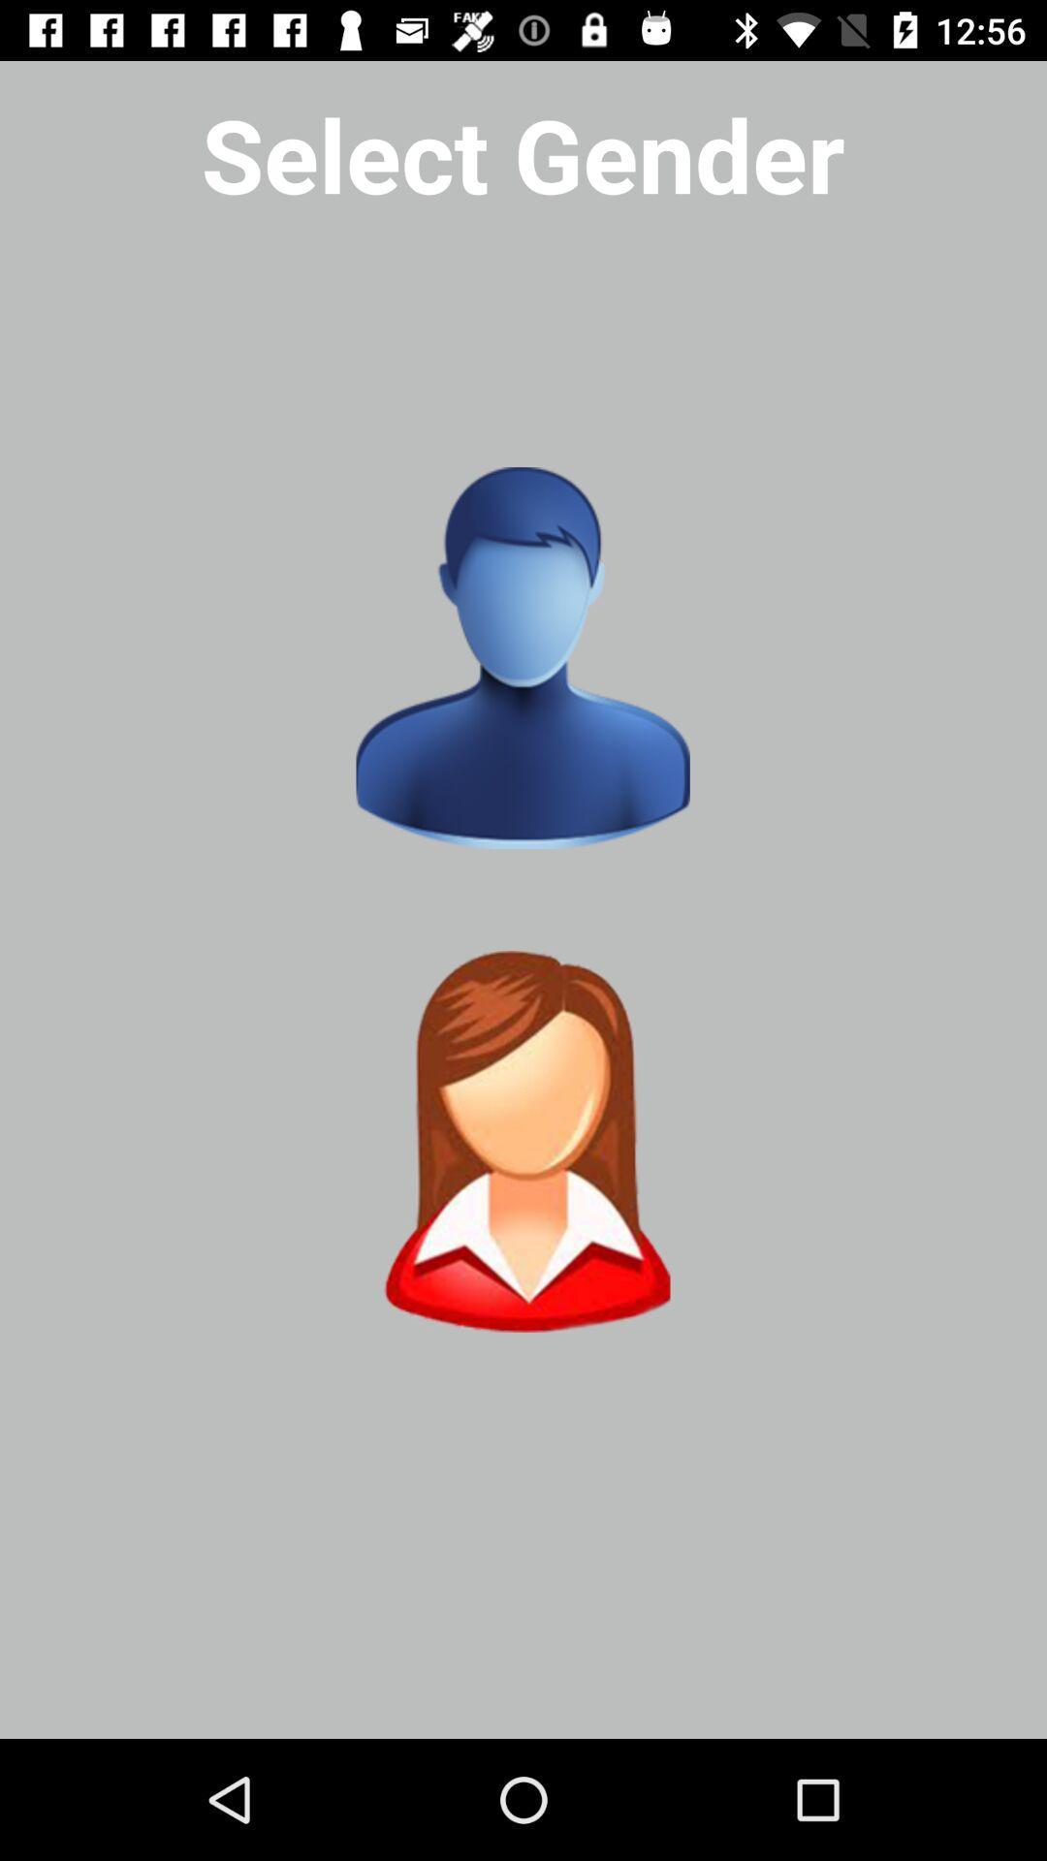  I want to click on female gender option, so click(522, 1141).